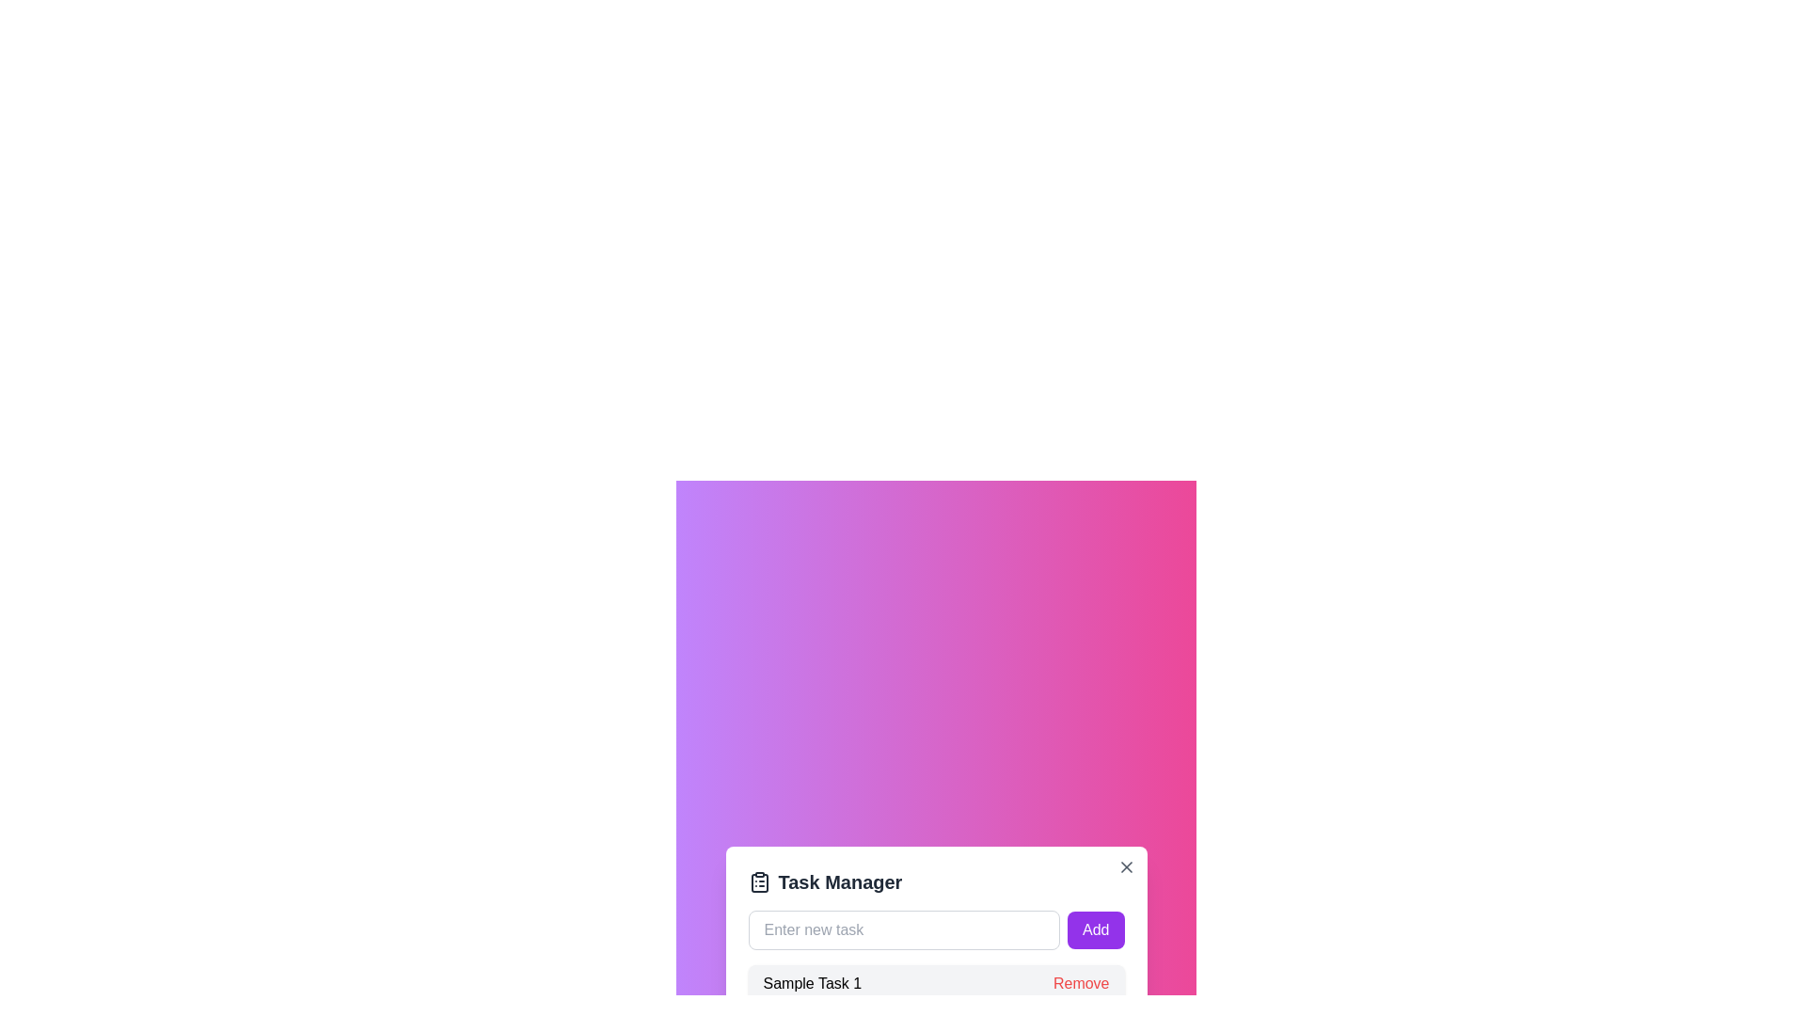  I want to click on the decorative SVG icon located in the top-left corner of the 'Task Manager' modal dialog, which symbolizes the purpose of the dialog, so click(759, 882).